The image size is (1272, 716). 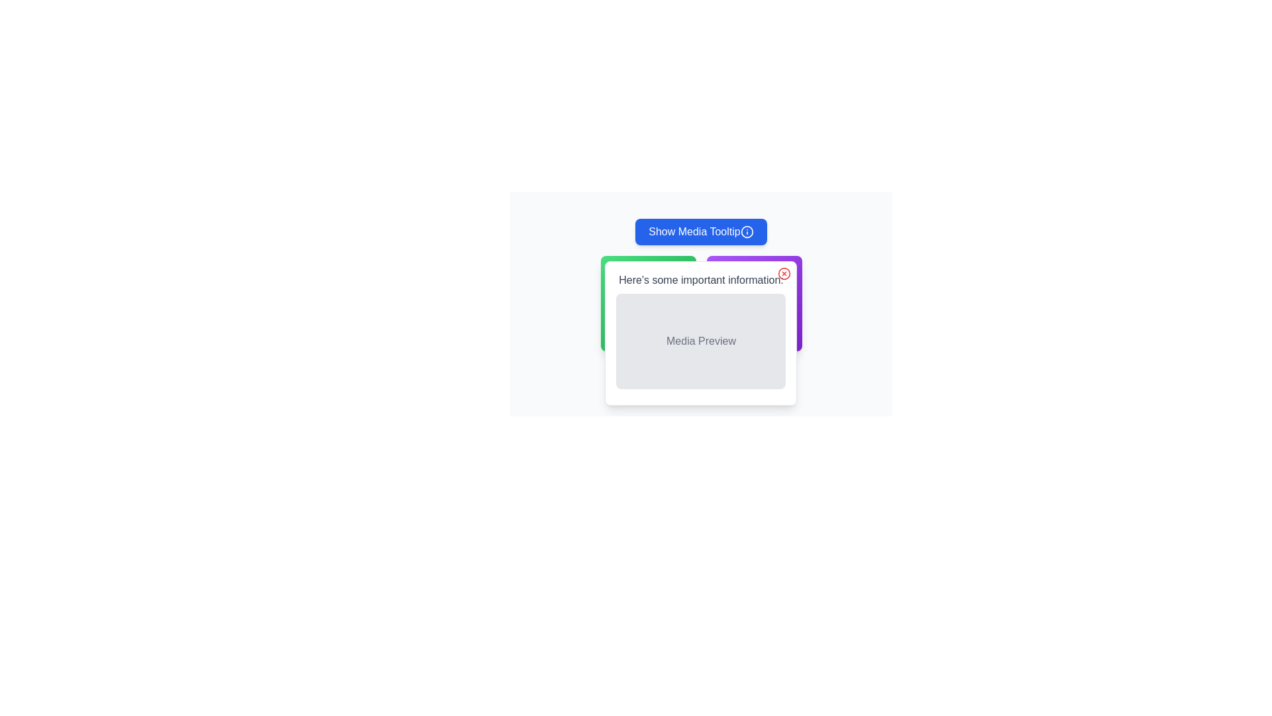 What do you see at coordinates (700, 341) in the screenshot?
I see `the gray rectangular block with rounded corners containing the text 'Media Preview', which is located centrally within the modal card layout below the text 'Here's some important information'` at bounding box center [700, 341].